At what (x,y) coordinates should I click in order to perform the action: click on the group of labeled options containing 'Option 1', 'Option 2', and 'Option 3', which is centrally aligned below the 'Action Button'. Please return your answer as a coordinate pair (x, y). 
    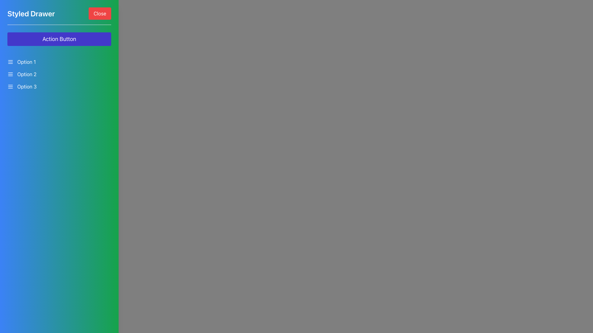
    Looking at the image, I should click on (59, 74).